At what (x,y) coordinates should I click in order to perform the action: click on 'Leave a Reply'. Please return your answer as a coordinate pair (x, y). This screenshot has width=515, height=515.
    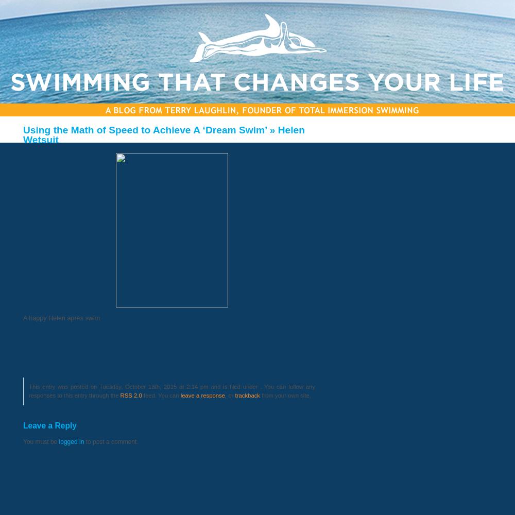
    Looking at the image, I should click on (49, 425).